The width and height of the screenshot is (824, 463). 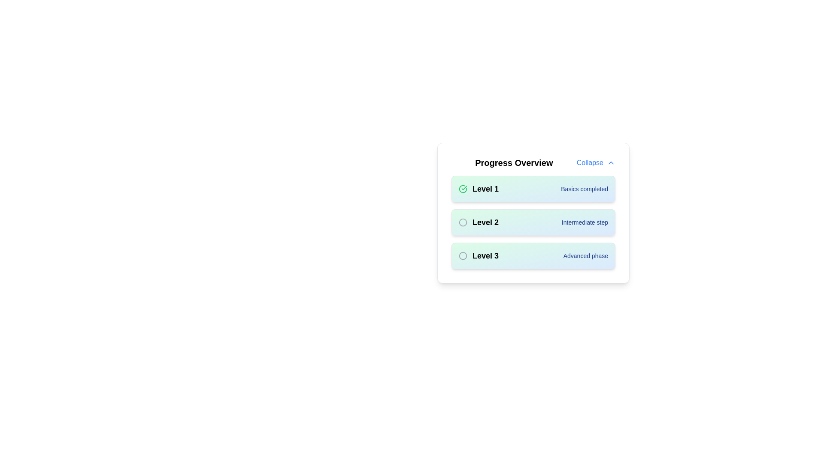 I want to click on the Progress Step Indicator, which indicates the second level in the progression hierarchy and is horizontally centered in a bordered box with a gradient background, so click(x=533, y=222).